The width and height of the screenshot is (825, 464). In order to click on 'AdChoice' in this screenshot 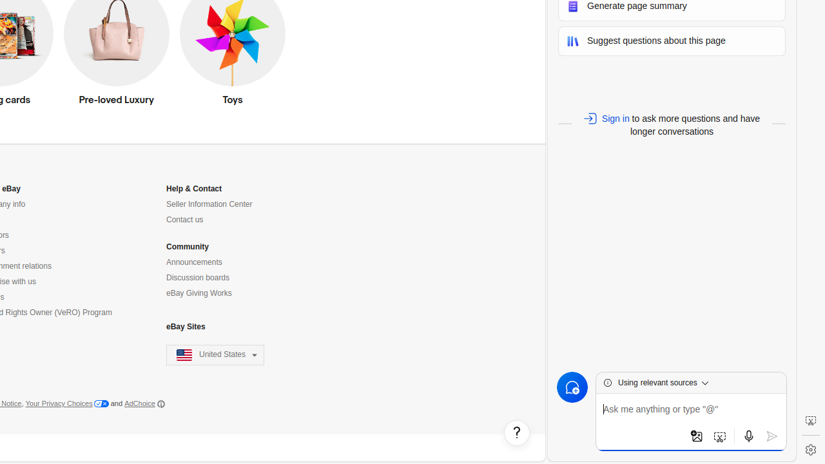, I will do `click(144, 403)`.